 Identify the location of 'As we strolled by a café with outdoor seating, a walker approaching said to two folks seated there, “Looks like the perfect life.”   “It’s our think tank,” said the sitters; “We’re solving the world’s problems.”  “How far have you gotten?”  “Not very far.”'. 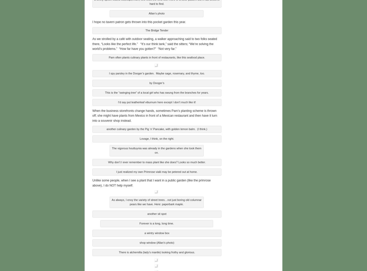
(92, 43).